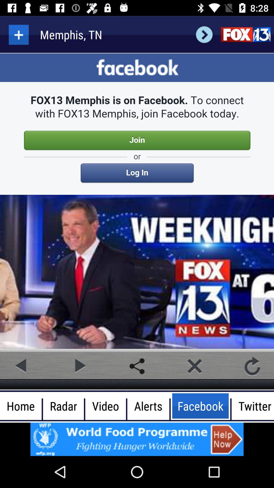 This screenshot has height=488, width=274. What do you see at coordinates (137, 439) in the screenshot?
I see `advertisement` at bounding box center [137, 439].